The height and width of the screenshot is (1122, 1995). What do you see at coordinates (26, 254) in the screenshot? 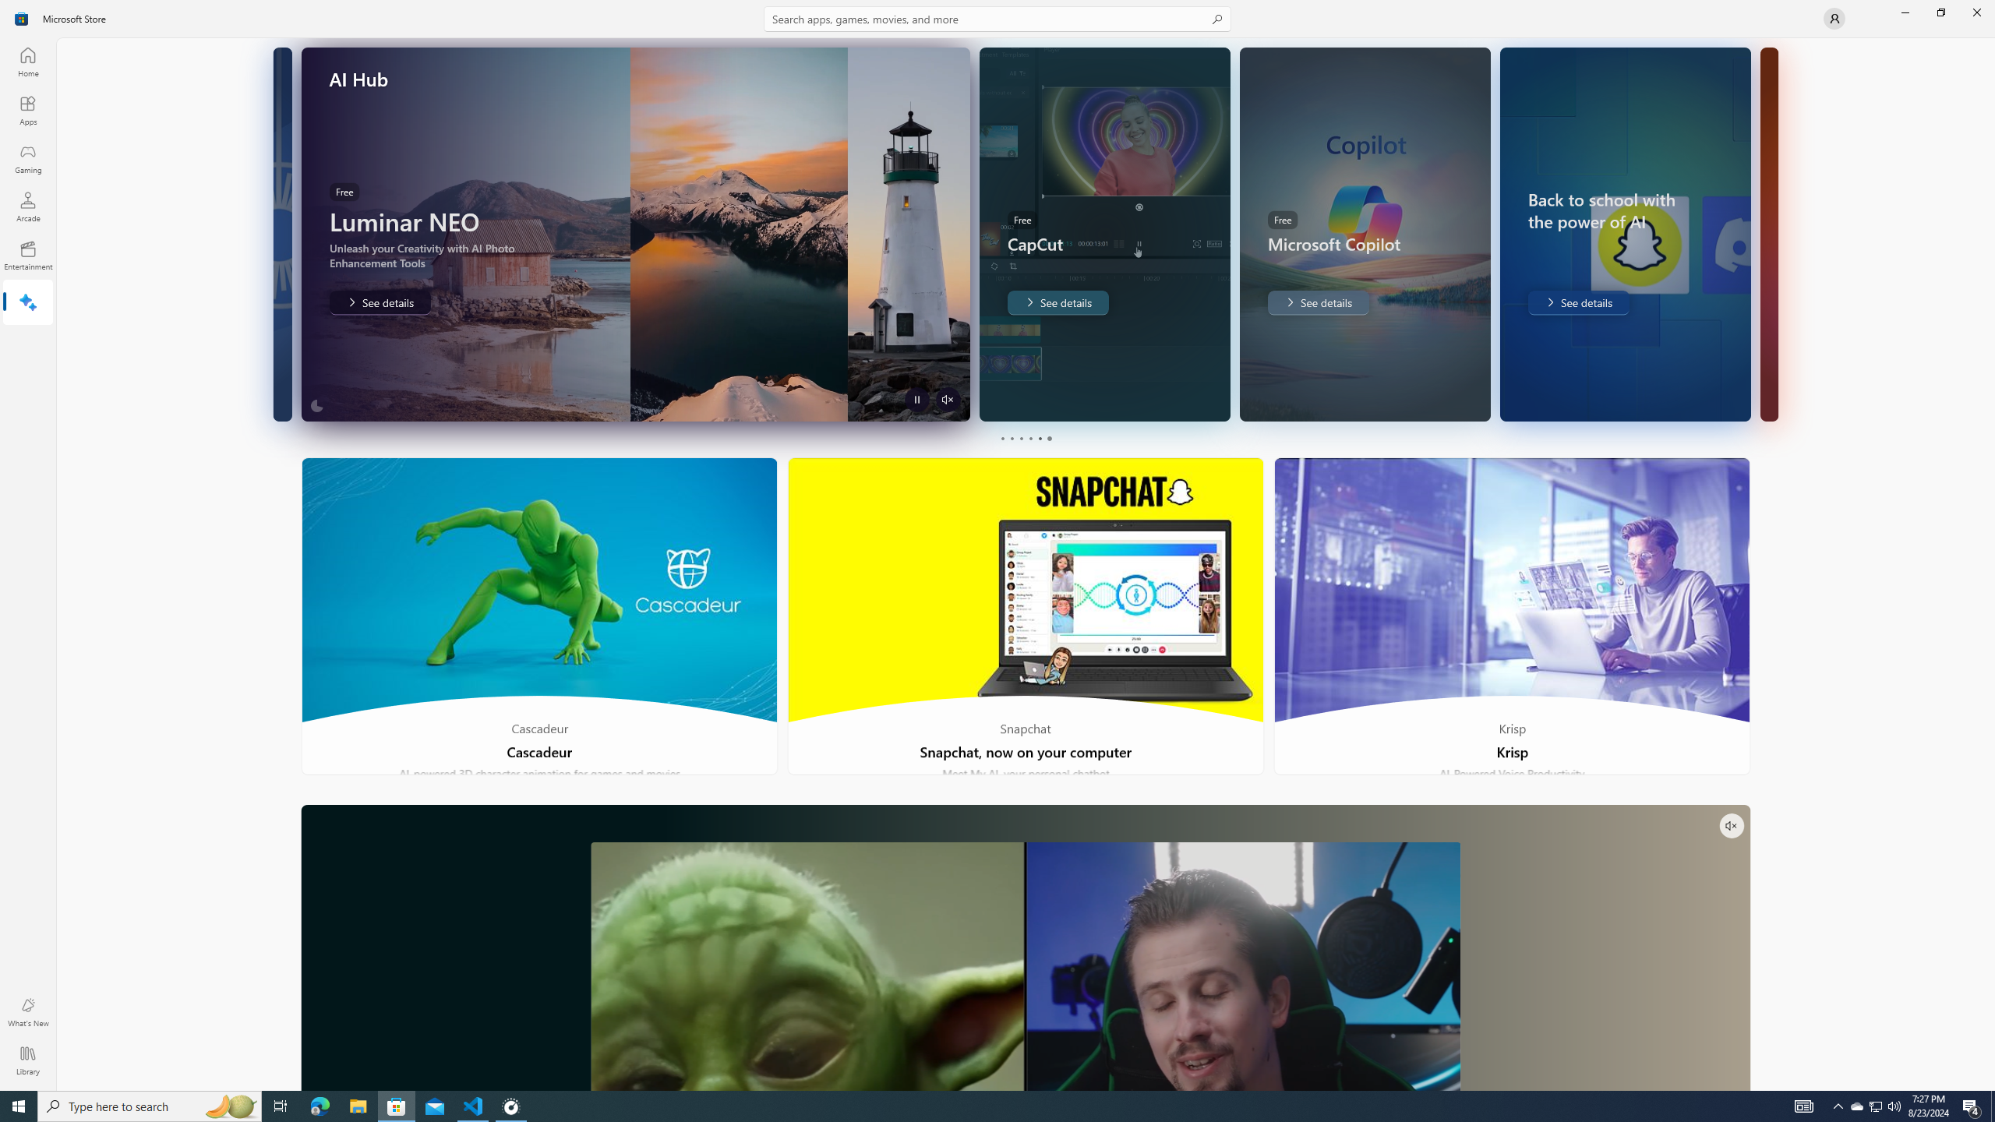
I see `'Entertainment'` at bounding box center [26, 254].